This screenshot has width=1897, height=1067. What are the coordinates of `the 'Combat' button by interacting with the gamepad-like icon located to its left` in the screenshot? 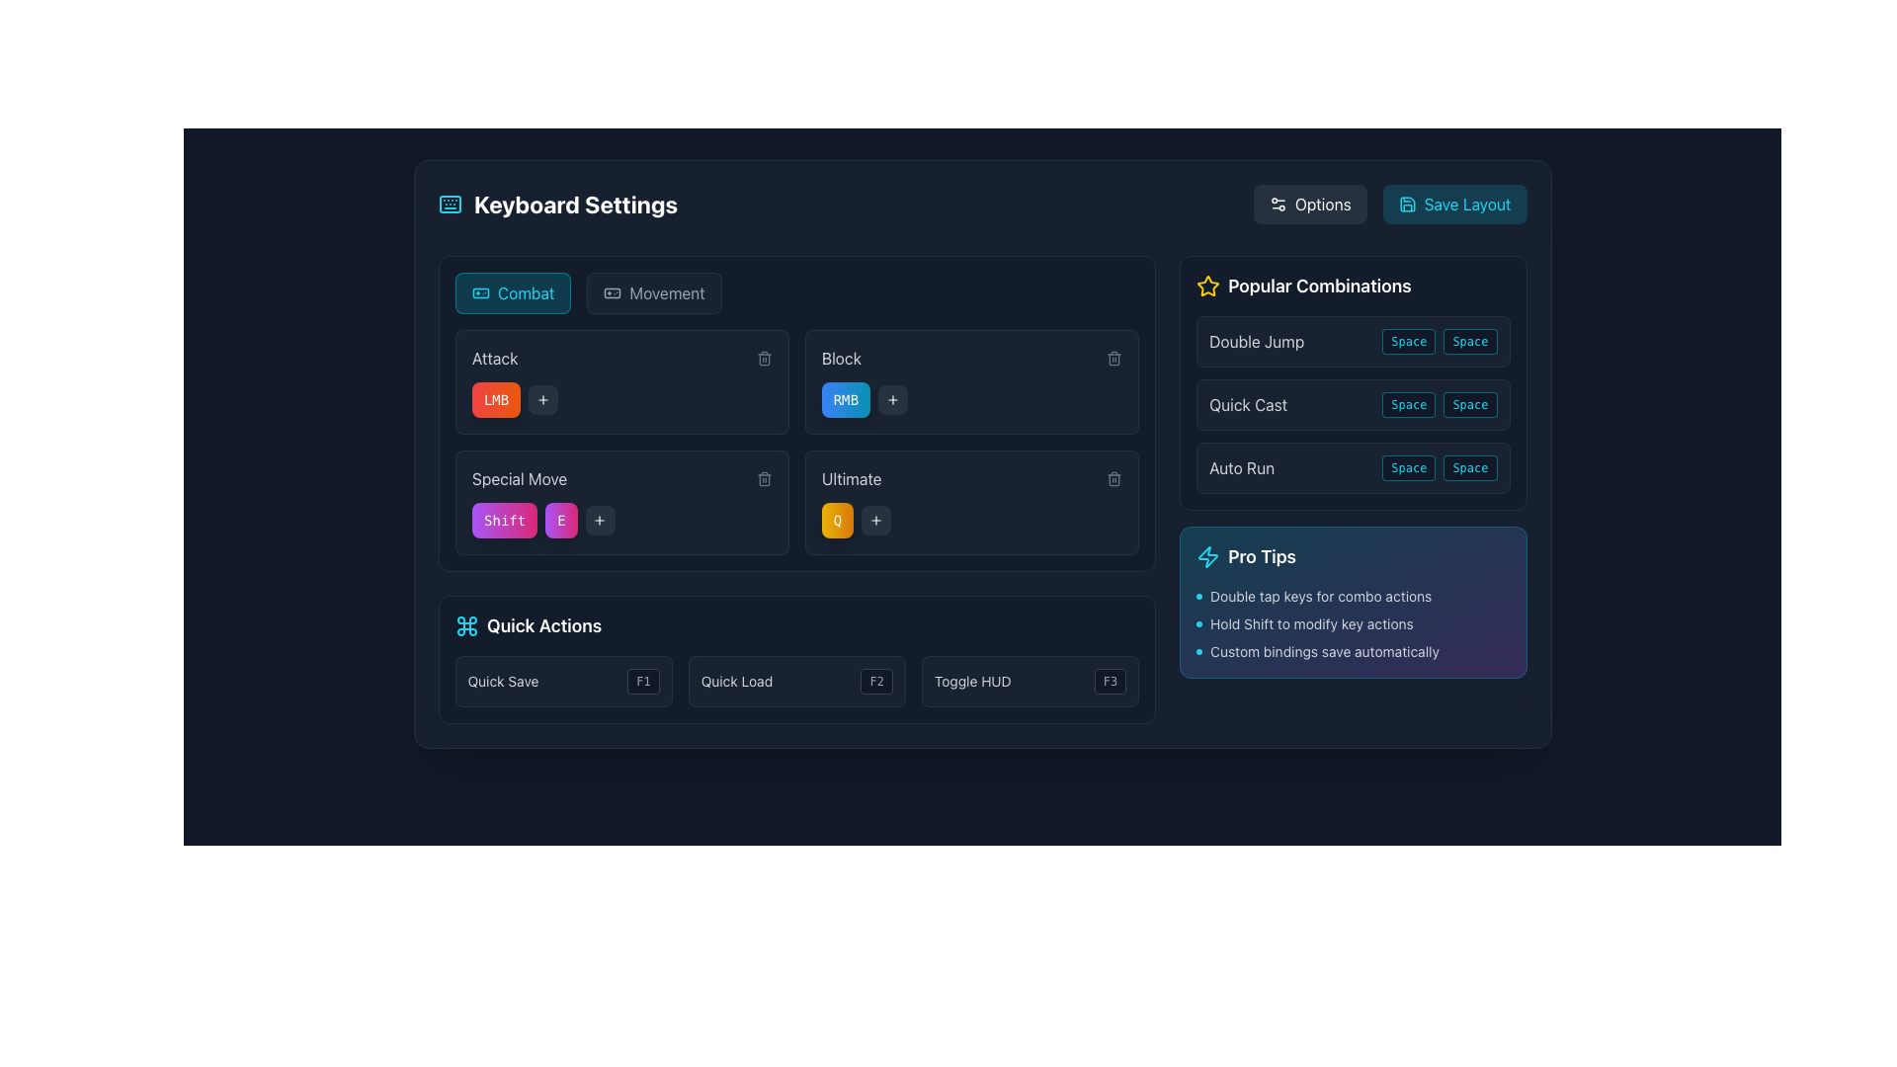 It's located at (480, 293).